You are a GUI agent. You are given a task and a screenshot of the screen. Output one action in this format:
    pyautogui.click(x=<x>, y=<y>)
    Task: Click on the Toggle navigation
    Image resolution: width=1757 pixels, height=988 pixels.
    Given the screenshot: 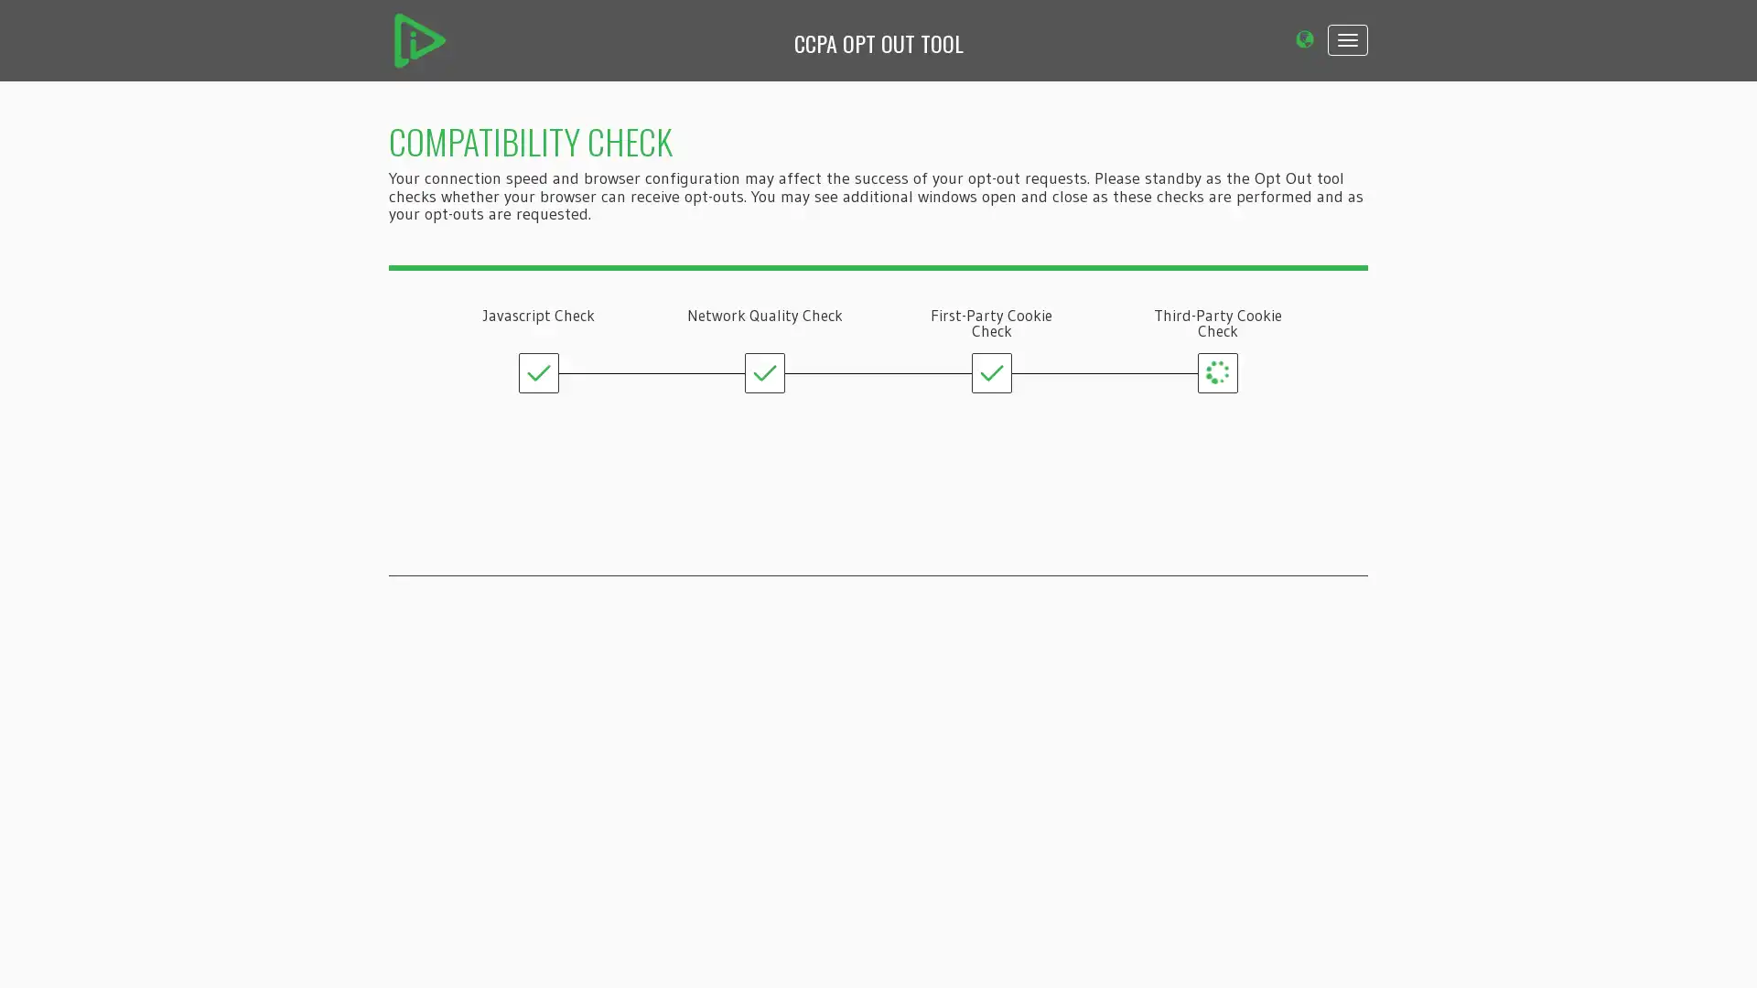 What is the action you would take?
    pyautogui.click(x=1348, y=39)
    